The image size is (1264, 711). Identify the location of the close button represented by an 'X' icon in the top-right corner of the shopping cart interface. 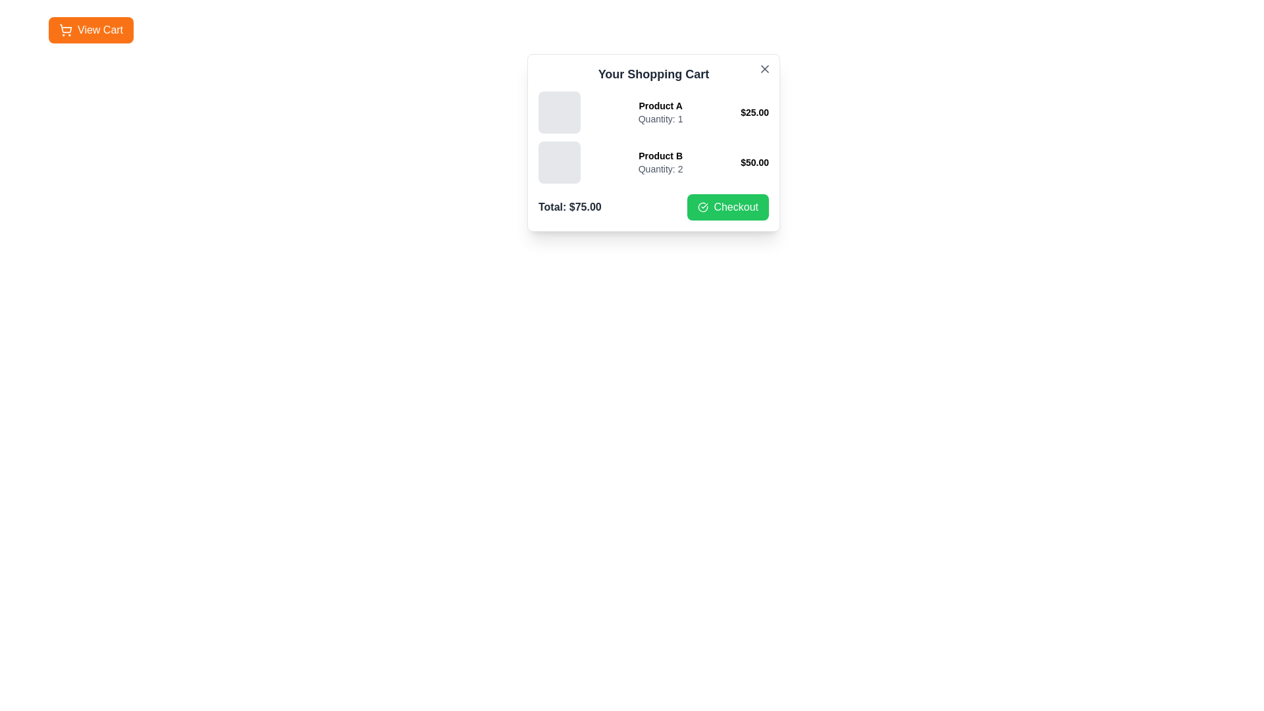
(764, 68).